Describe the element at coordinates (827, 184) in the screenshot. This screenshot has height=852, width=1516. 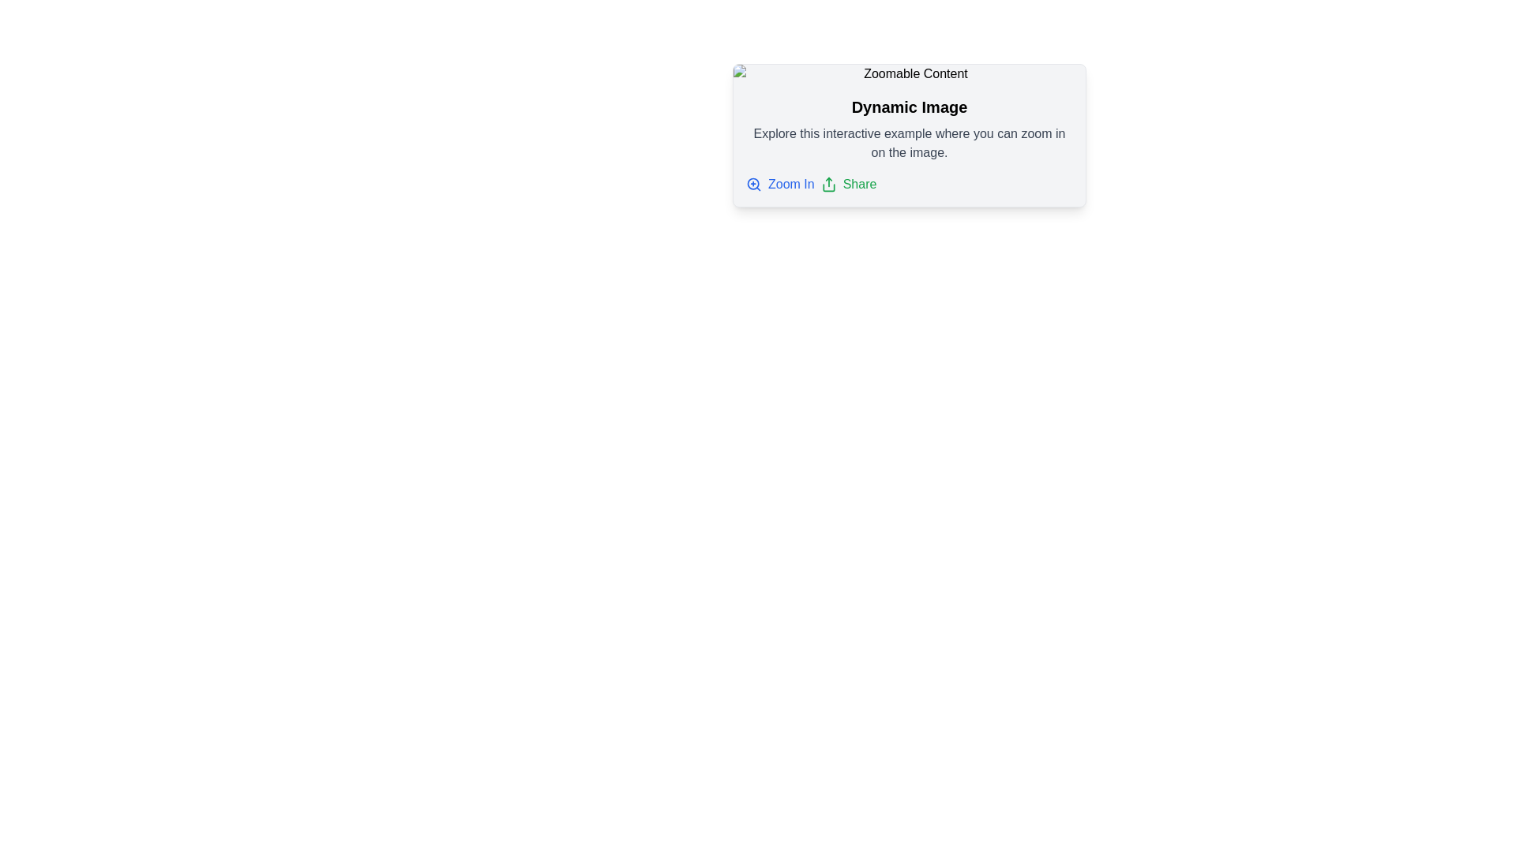
I see `the green share icon located to the left of the 'Share' text label within the button group at the bottom of the 'Zoomable Content' card interface` at that location.